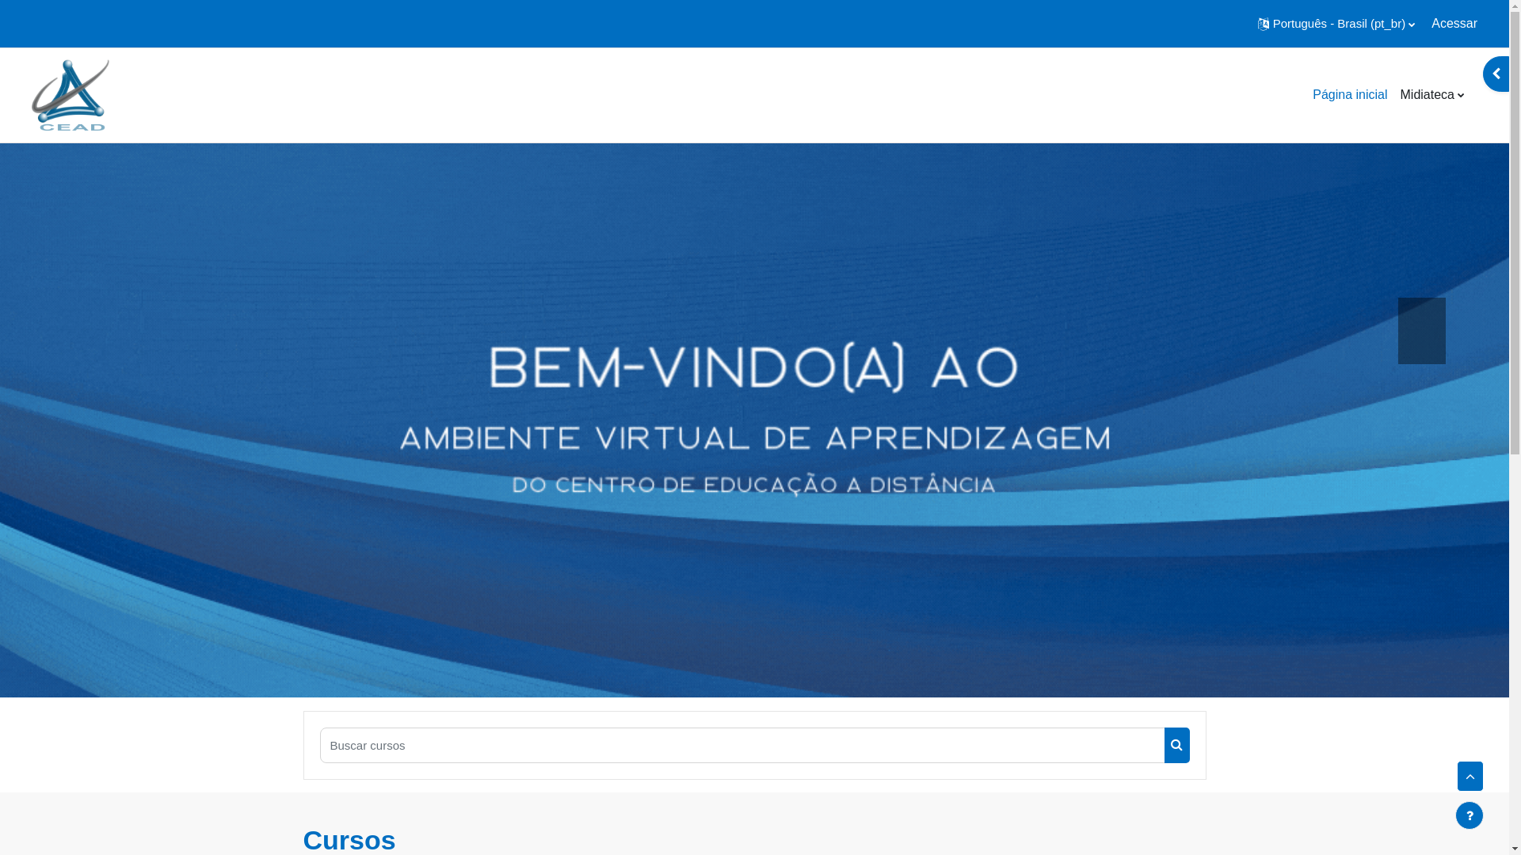  I want to click on 'Midiateca', so click(1432, 94).